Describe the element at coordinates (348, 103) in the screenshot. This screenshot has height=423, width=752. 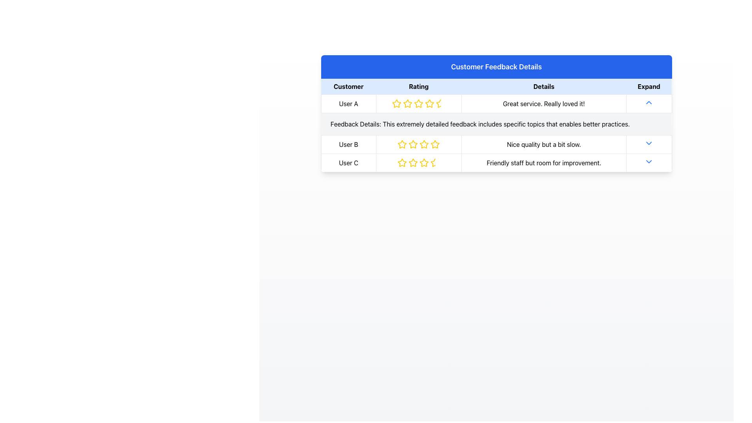
I see `the text label displaying 'User A' located in the first column under the 'Customer' header in the table` at that location.